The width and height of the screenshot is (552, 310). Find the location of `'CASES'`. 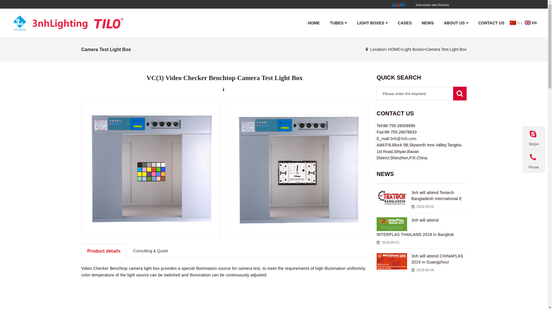

'CASES' is located at coordinates (404, 23).